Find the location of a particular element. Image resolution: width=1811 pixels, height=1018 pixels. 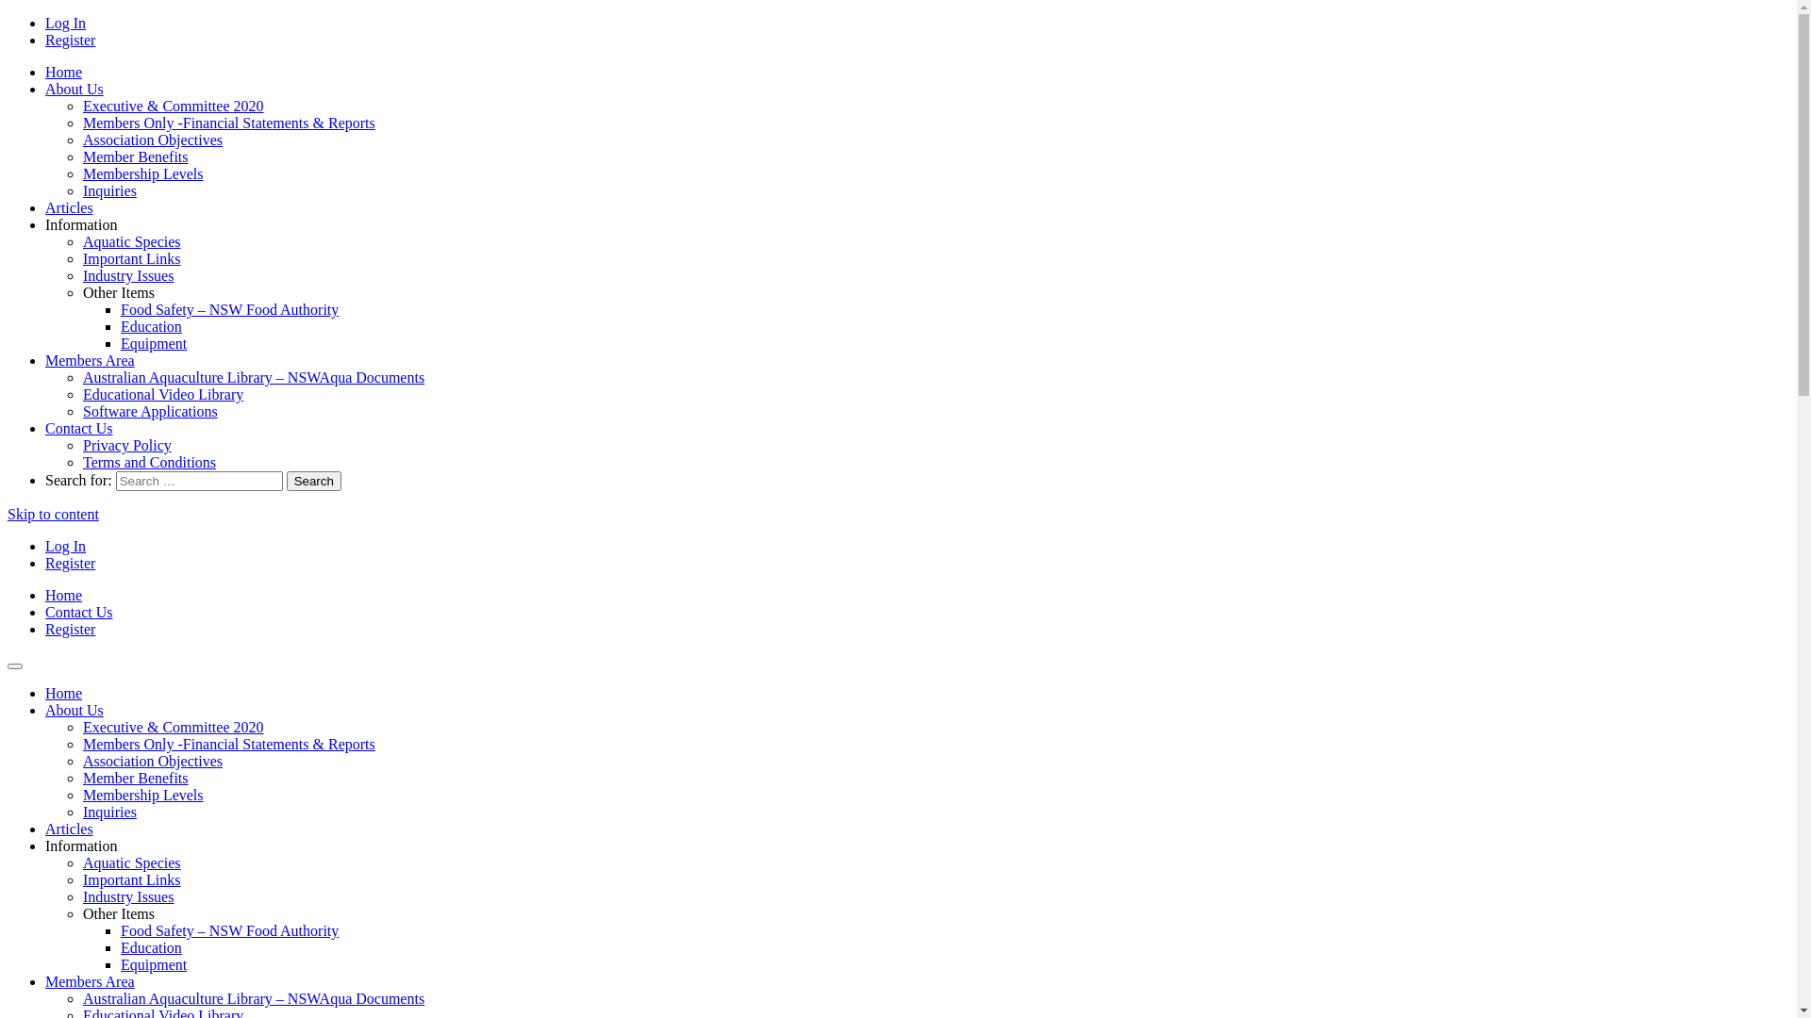

'Industry Issues' is located at coordinates (126, 895).